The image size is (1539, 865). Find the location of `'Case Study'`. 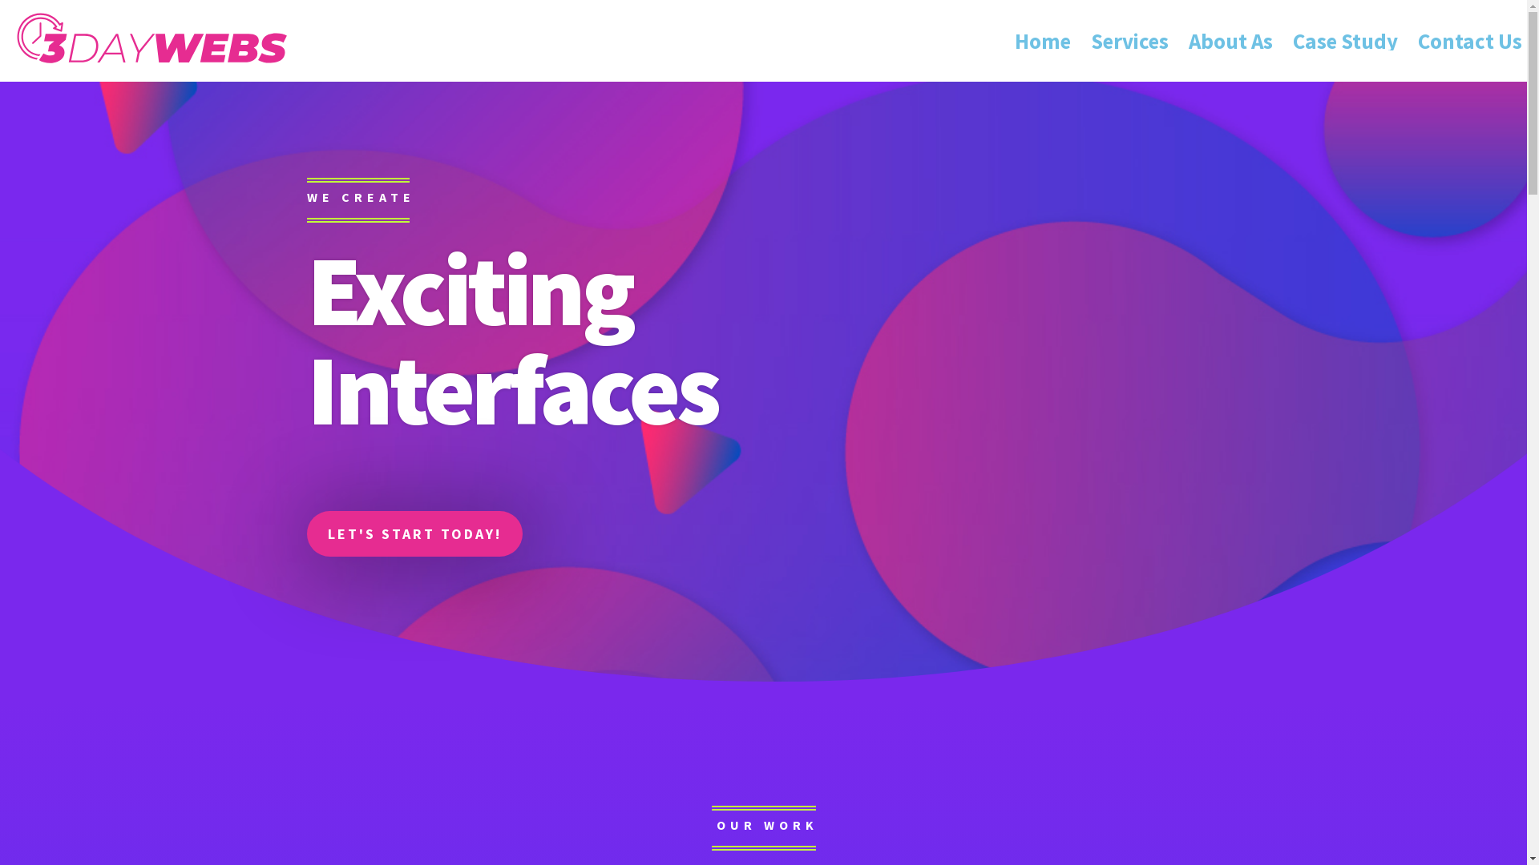

'Case Study' is located at coordinates (1345, 39).